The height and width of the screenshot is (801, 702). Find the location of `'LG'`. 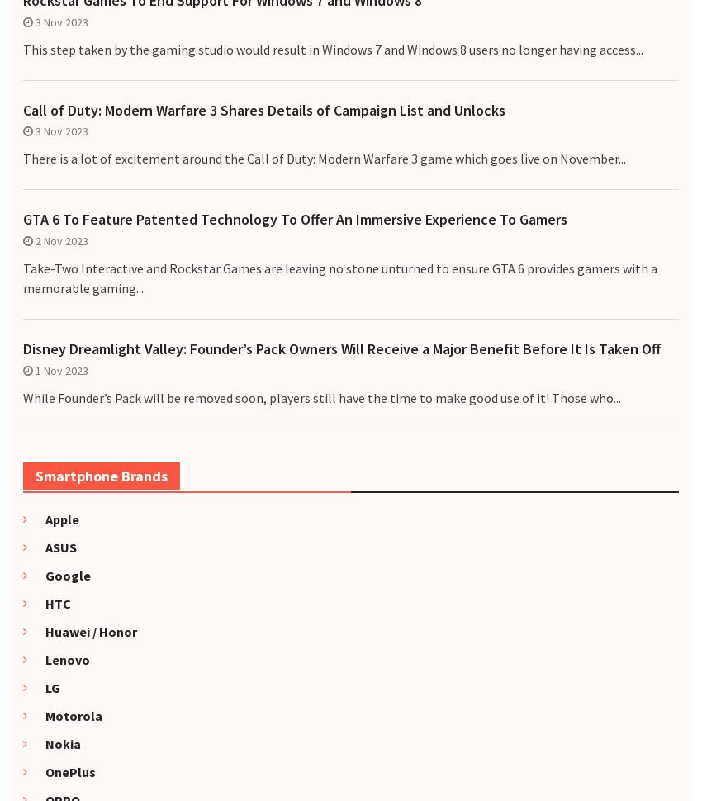

'LG' is located at coordinates (45, 685).